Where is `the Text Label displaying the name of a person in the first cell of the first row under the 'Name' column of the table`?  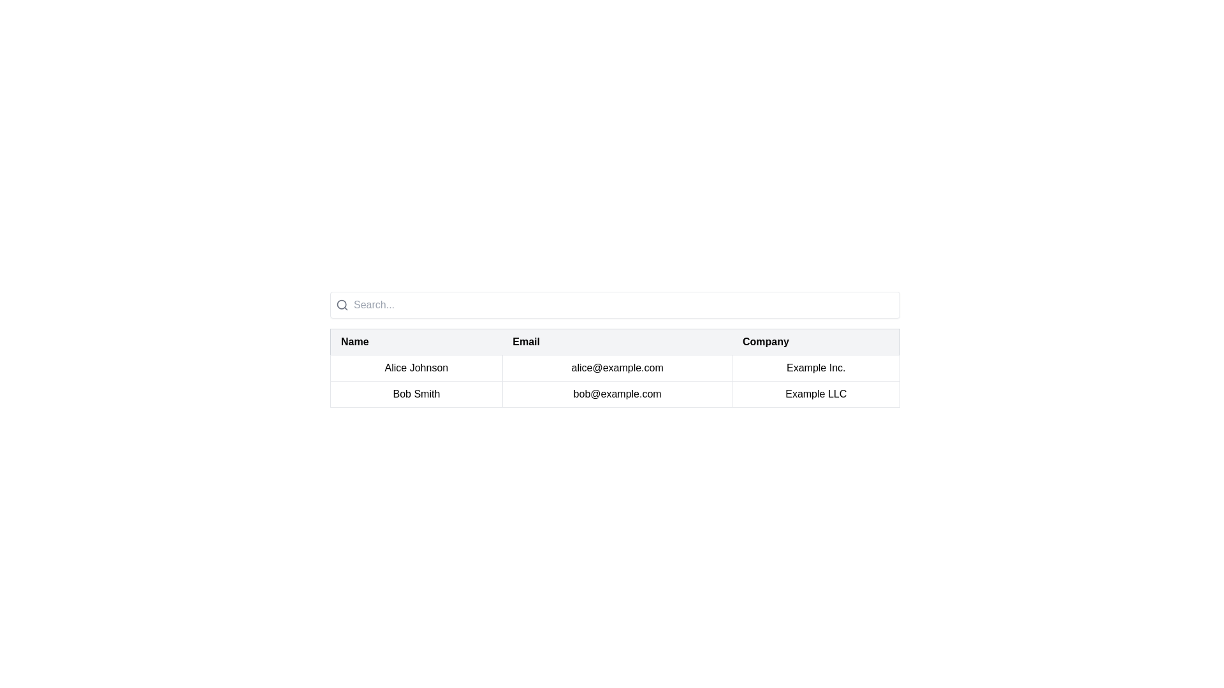
the Text Label displaying the name of a person in the first cell of the first row under the 'Name' column of the table is located at coordinates (416, 368).